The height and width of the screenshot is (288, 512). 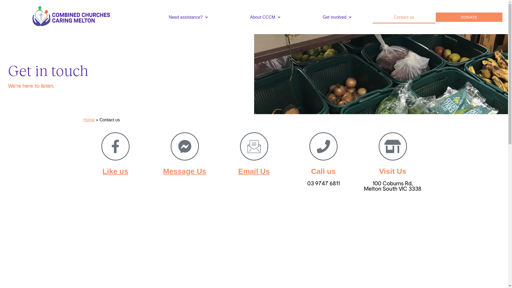 What do you see at coordinates (188, 17) in the screenshot?
I see `'Need assistance?'` at bounding box center [188, 17].